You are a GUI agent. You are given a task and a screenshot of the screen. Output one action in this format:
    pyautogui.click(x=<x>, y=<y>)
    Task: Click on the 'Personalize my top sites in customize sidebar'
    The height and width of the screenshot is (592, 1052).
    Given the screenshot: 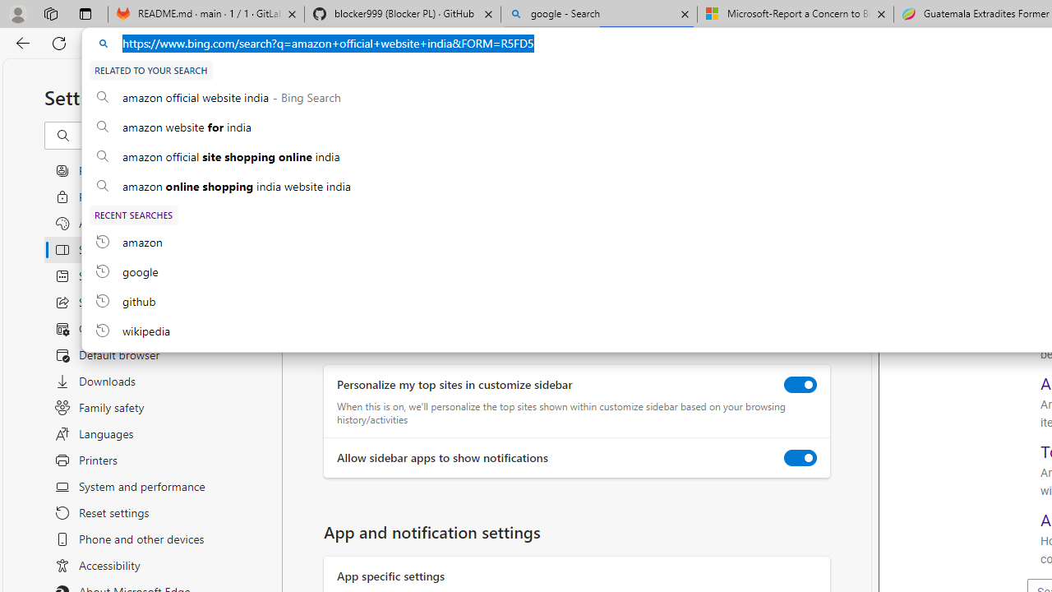 What is the action you would take?
    pyautogui.click(x=801, y=385)
    